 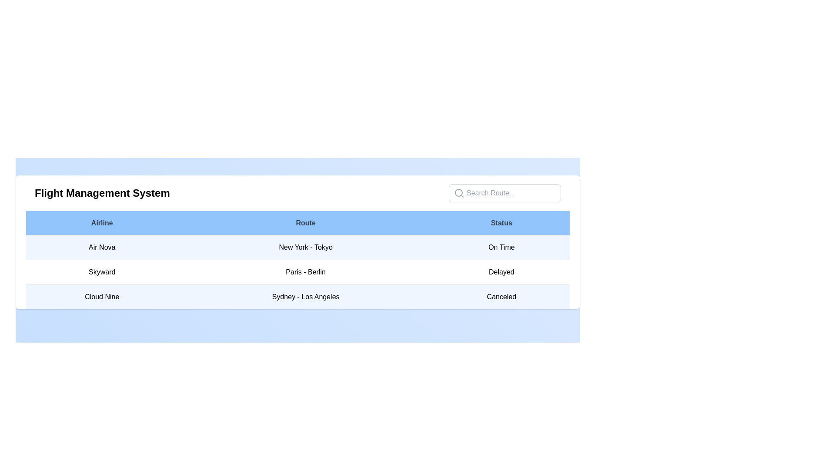 What do you see at coordinates (102, 222) in the screenshot?
I see `the static text label displaying 'Airline', which is the first header in the table's top-left section, on a light blue background` at bounding box center [102, 222].